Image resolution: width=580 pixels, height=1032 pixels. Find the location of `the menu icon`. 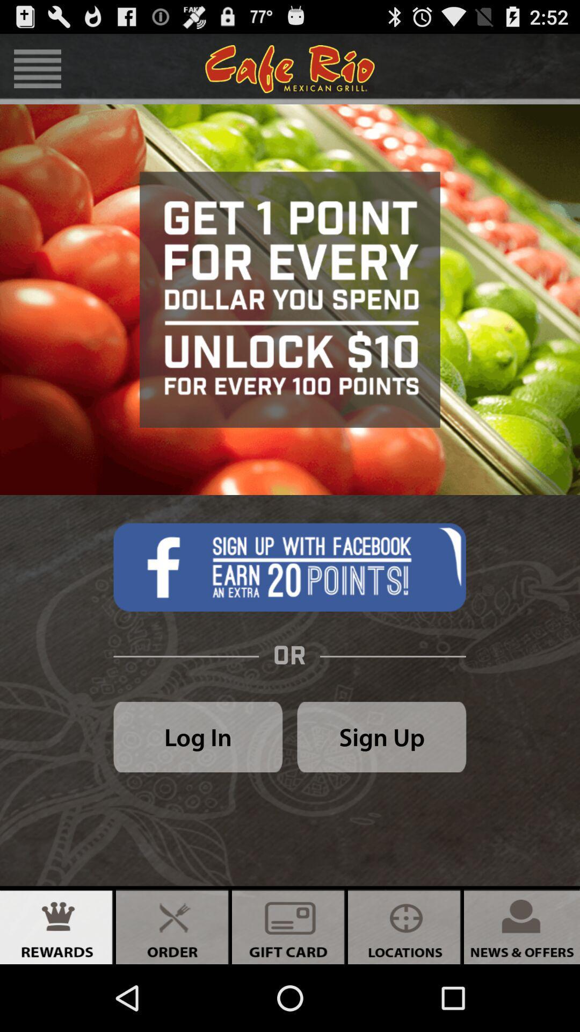

the menu icon is located at coordinates (37, 73).